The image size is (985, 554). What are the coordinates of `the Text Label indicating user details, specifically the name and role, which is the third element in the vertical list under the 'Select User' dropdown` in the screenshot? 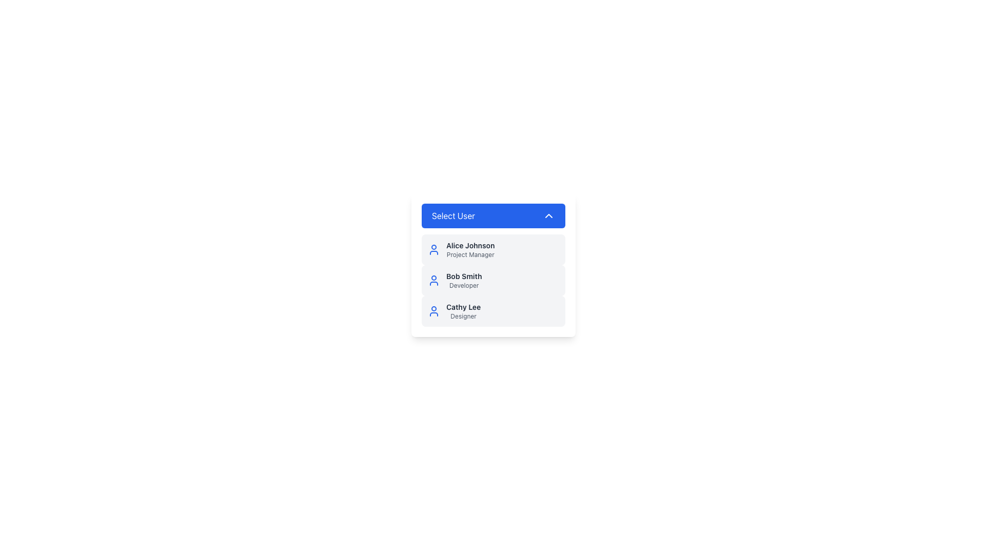 It's located at (463, 306).